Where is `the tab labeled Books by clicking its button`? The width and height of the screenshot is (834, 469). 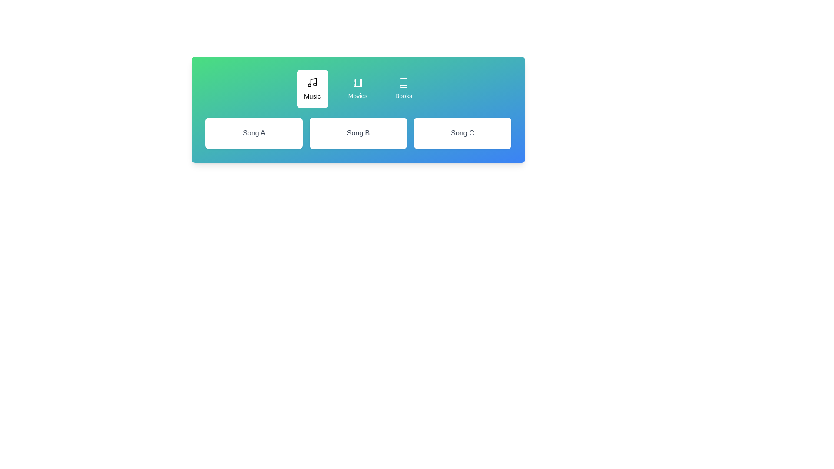 the tab labeled Books by clicking its button is located at coordinates (403, 89).